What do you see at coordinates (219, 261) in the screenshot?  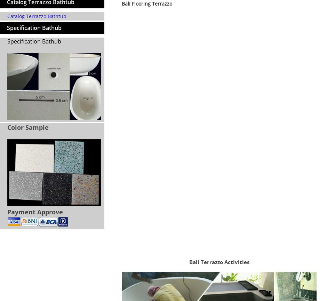 I see `'Bali Terrazzo Activities'` at bounding box center [219, 261].